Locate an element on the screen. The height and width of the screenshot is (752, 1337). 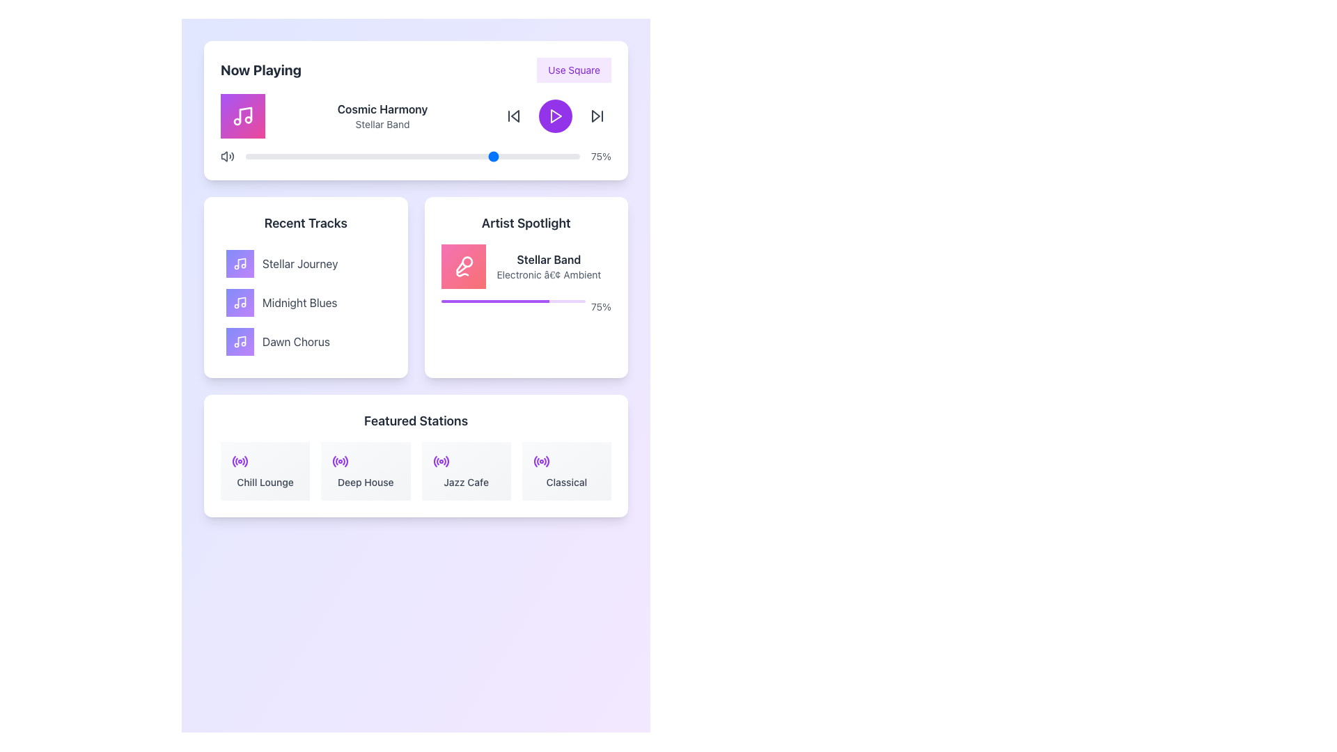
the musical note icon with a white color and purple gradient background, located at the top-left corner of the 'Now Playing' card is located at coordinates (243, 115).